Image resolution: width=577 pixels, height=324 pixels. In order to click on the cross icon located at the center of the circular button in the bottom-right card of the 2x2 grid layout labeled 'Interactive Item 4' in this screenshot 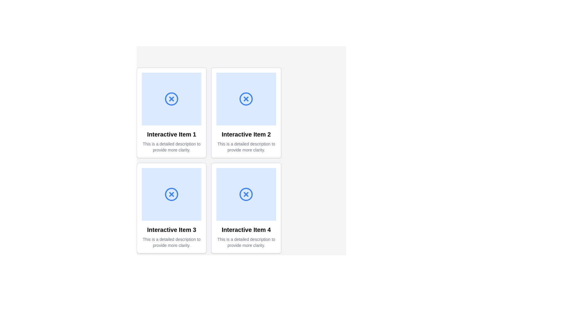, I will do `click(246, 194)`.